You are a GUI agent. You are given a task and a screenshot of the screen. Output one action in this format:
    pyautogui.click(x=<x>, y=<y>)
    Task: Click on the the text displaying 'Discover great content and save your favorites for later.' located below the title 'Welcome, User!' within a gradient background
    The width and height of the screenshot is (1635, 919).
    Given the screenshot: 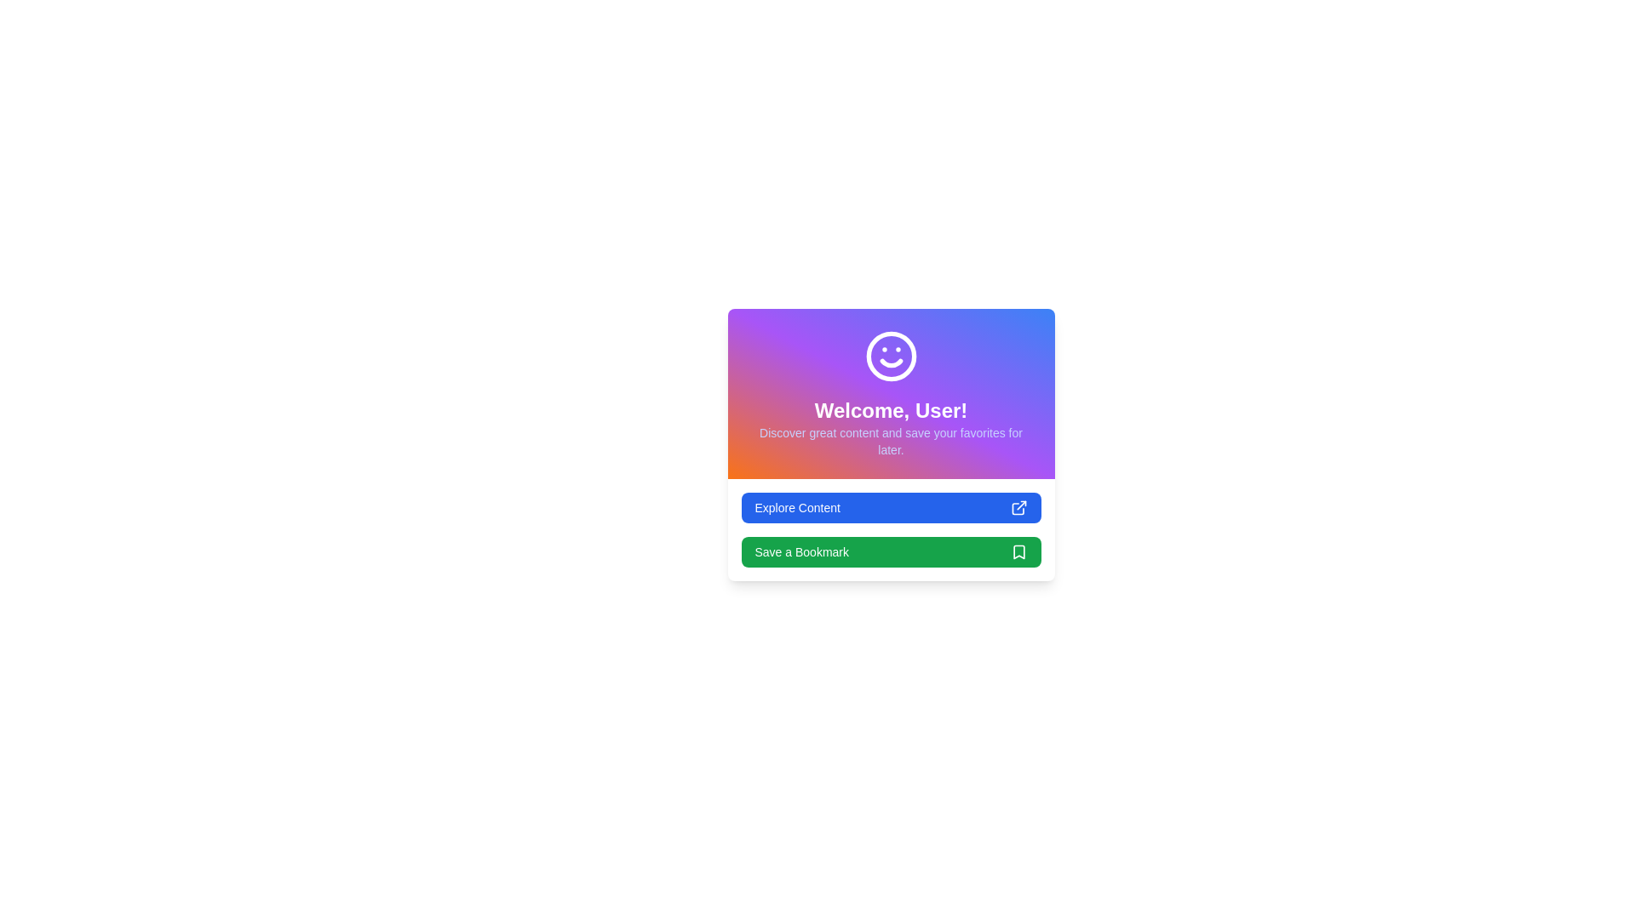 What is the action you would take?
    pyautogui.click(x=890, y=441)
    